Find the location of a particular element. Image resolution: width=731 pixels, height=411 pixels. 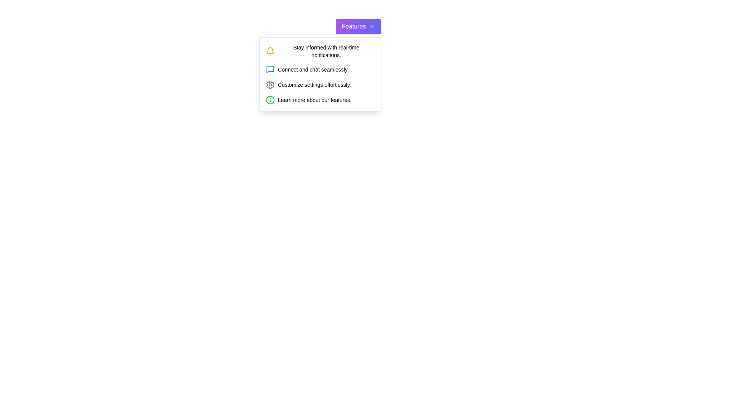

the Informational link, which is represented by a small green circular icon with an 'i' inside it, followed by the text 'Learn more about our features.' This link is the fourth item in the dropdown panel under the 'Features' button is located at coordinates (320, 99).